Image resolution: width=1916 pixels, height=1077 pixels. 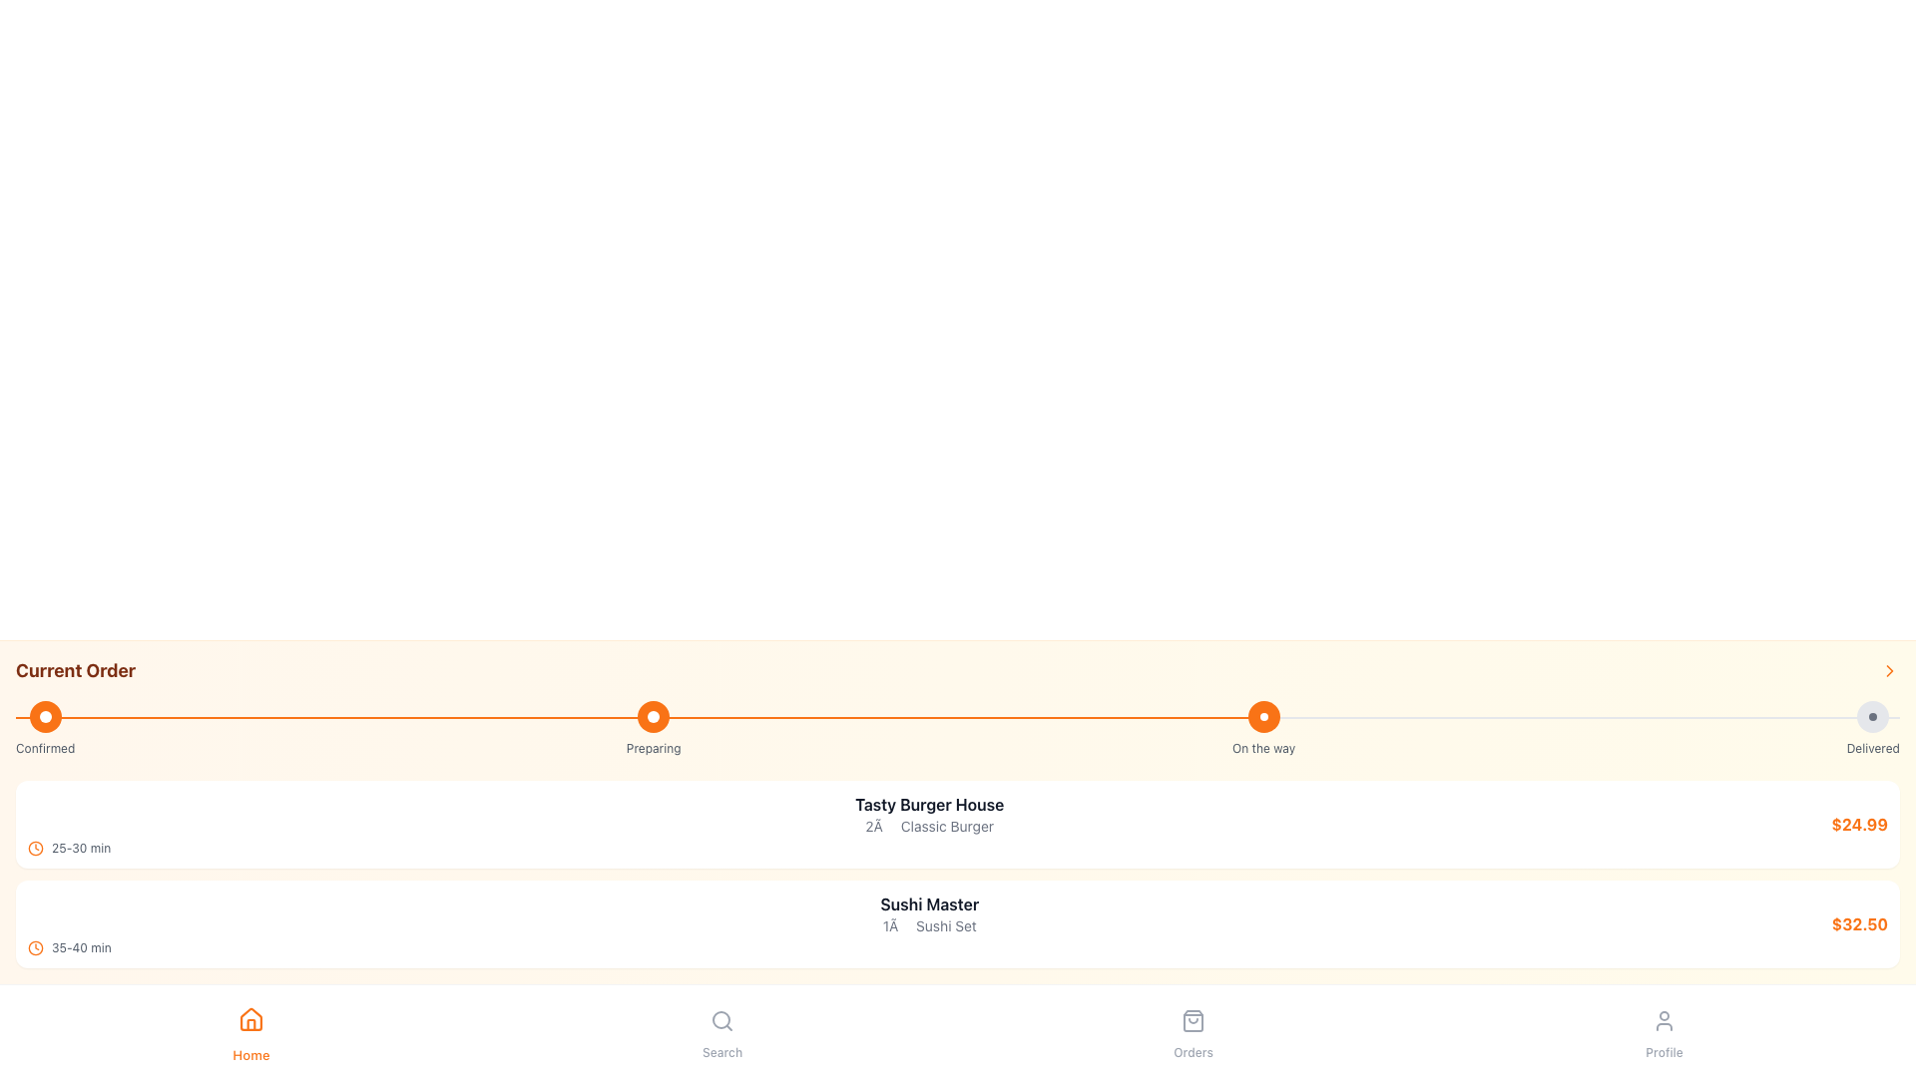 I want to click on text label indicating the estimated delivery time, which displays '25-30 min' next to a clock icon, located in the first row of a list-like structure, so click(x=80, y=849).